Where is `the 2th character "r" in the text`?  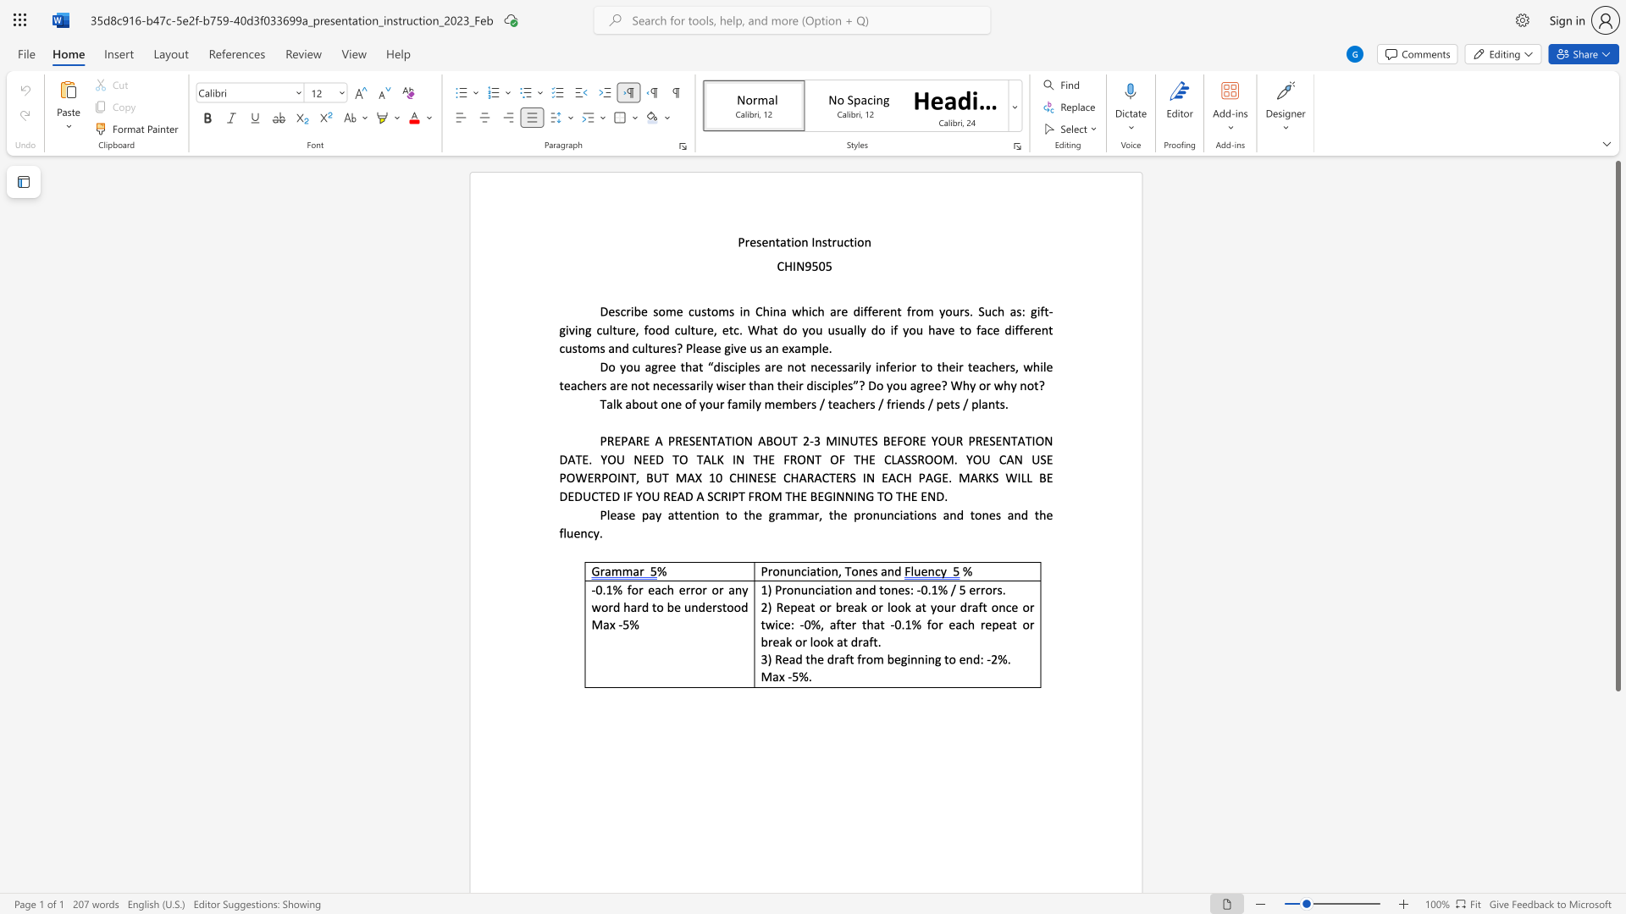
the 2th character "r" in the text is located at coordinates (816, 514).